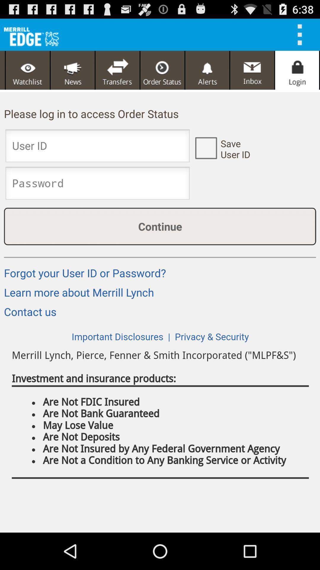 The image size is (320, 570). What do you see at coordinates (72, 70) in the screenshot?
I see `news feed button` at bounding box center [72, 70].